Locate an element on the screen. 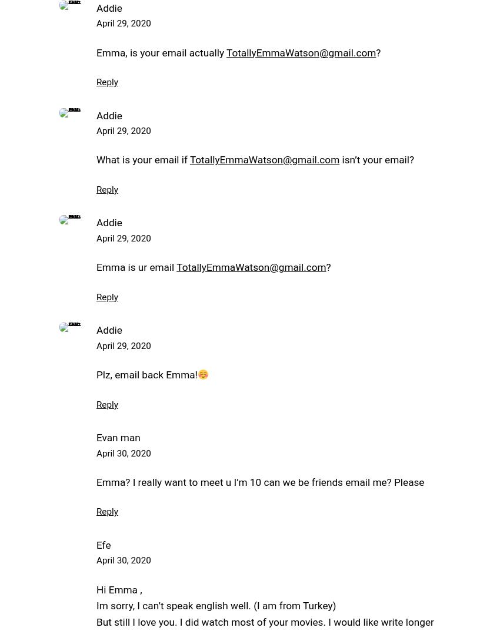  'Im sorry, I can’t speak english well. (I am from Turkey)' is located at coordinates (215, 606).